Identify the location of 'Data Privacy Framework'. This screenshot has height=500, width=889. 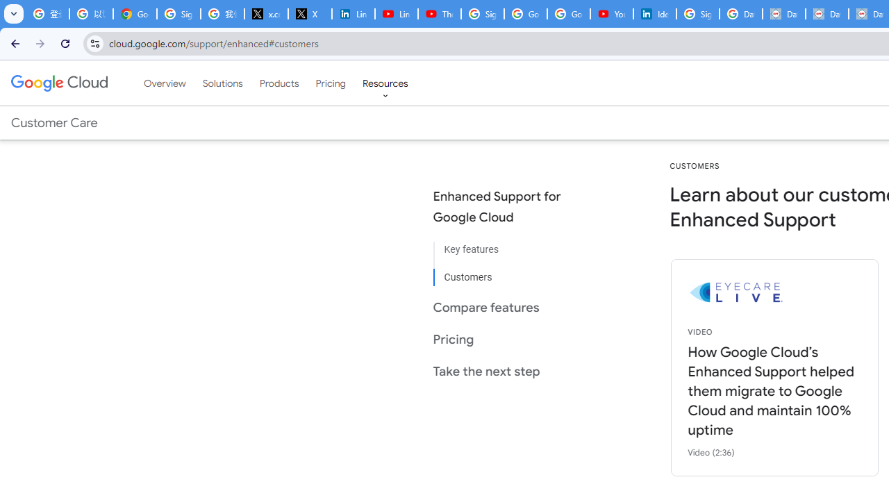
(783, 14).